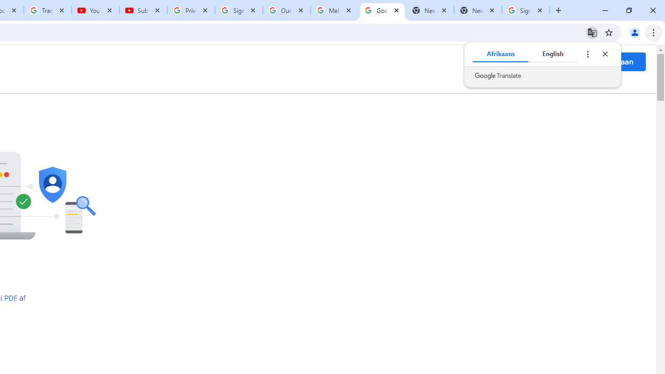 The width and height of the screenshot is (665, 374). Describe the element at coordinates (587, 54) in the screenshot. I see `'Translate options'` at that location.